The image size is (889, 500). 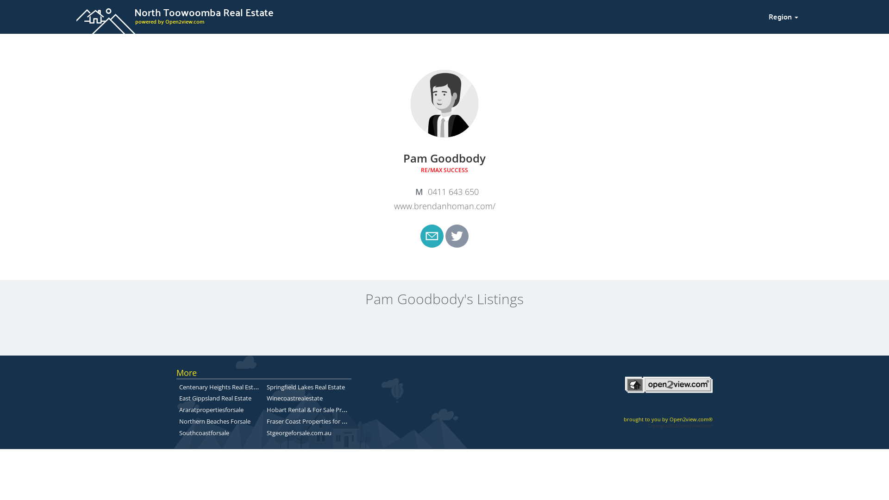 What do you see at coordinates (324, 408) in the screenshot?
I see `'Hobart Rental & For Sale Property Listings'` at bounding box center [324, 408].